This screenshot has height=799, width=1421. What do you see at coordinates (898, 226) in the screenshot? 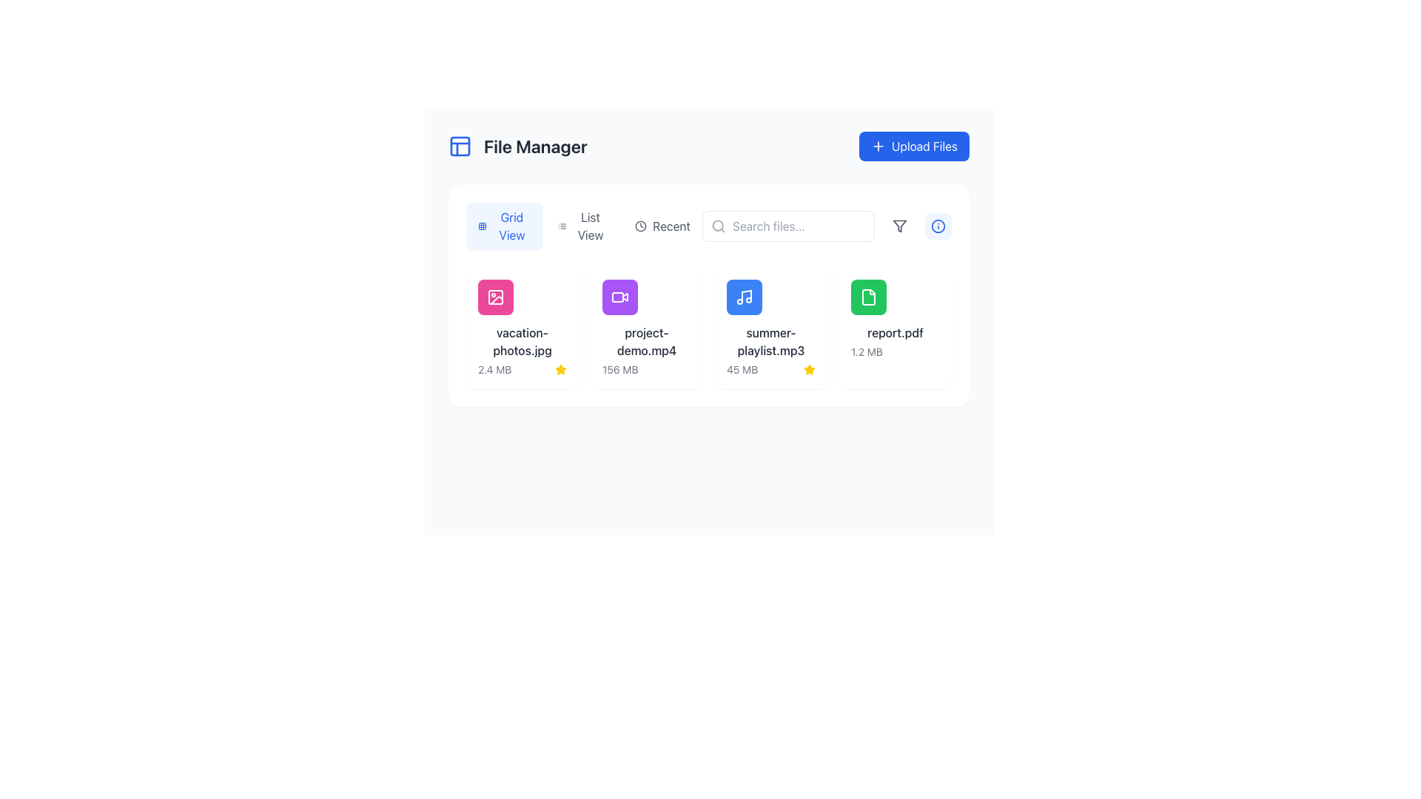
I see `the filter icon located in the toolbar at the top of the interface` at bounding box center [898, 226].